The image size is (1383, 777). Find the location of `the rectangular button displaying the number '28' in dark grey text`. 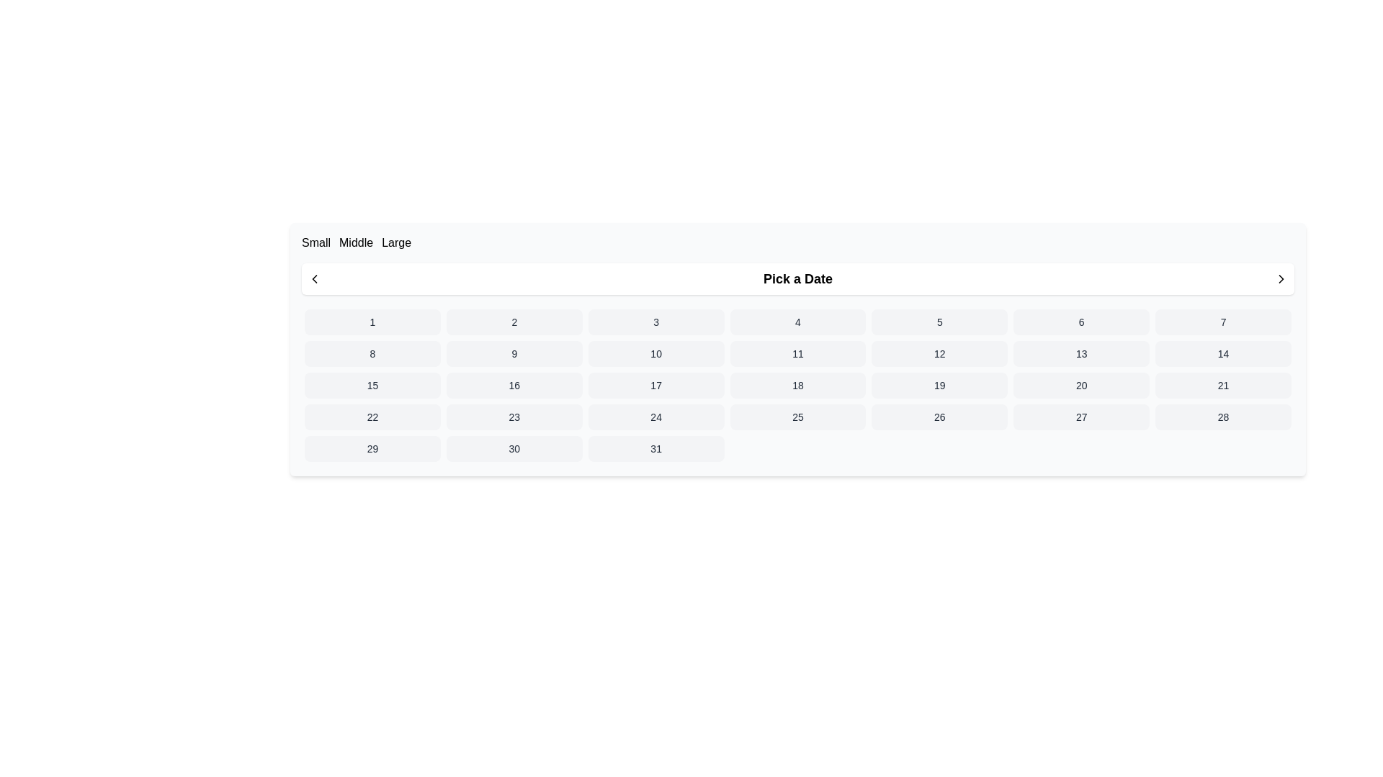

the rectangular button displaying the number '28' in dark grey text is located at coordinates (1222, 417).